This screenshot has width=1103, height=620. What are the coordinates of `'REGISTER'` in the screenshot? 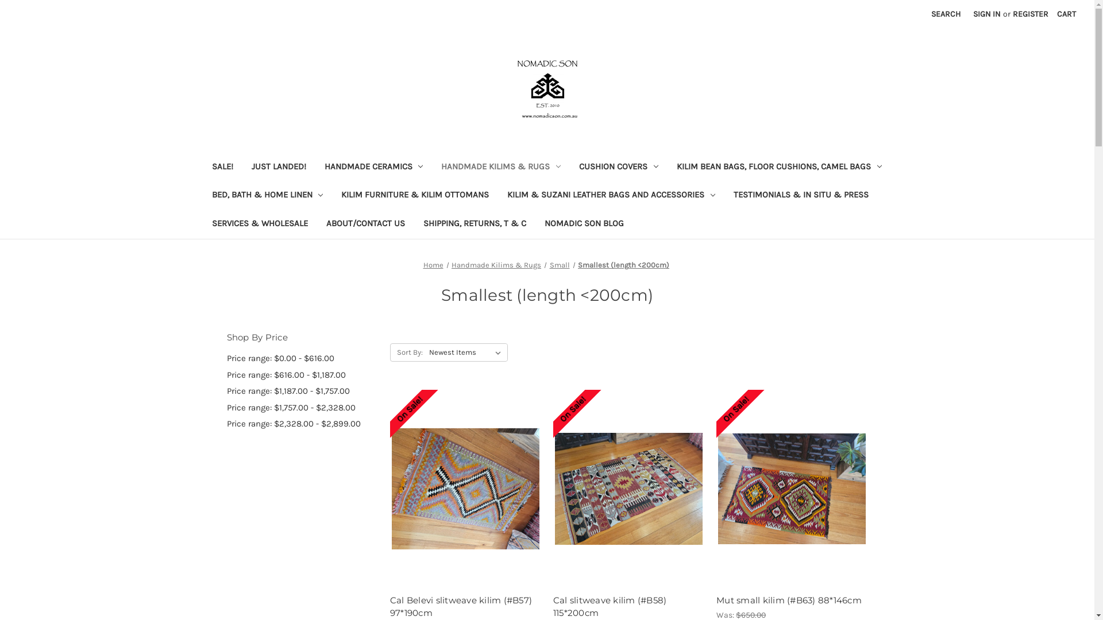 It's located at (1031, 14).